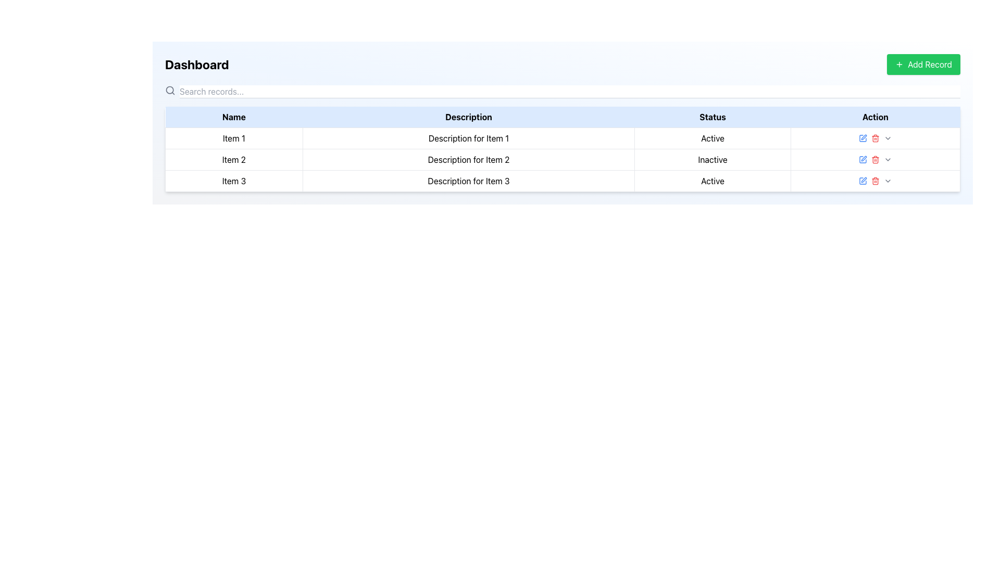 Image resolution: width=1000 pixels, height=562 pixels. I want to click on the edit button located in the 'Action' column of the table in the first row to observe a color change, so click(863, 138).